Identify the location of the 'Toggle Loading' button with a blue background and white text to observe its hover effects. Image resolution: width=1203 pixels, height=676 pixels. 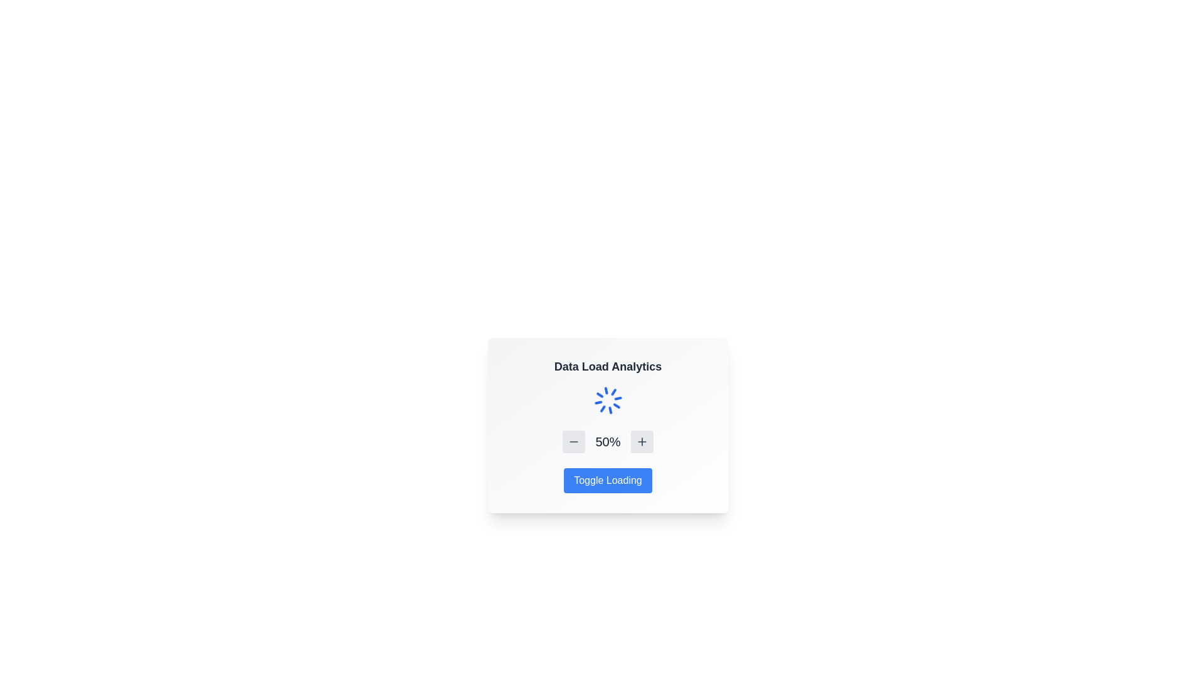
(608, 479).